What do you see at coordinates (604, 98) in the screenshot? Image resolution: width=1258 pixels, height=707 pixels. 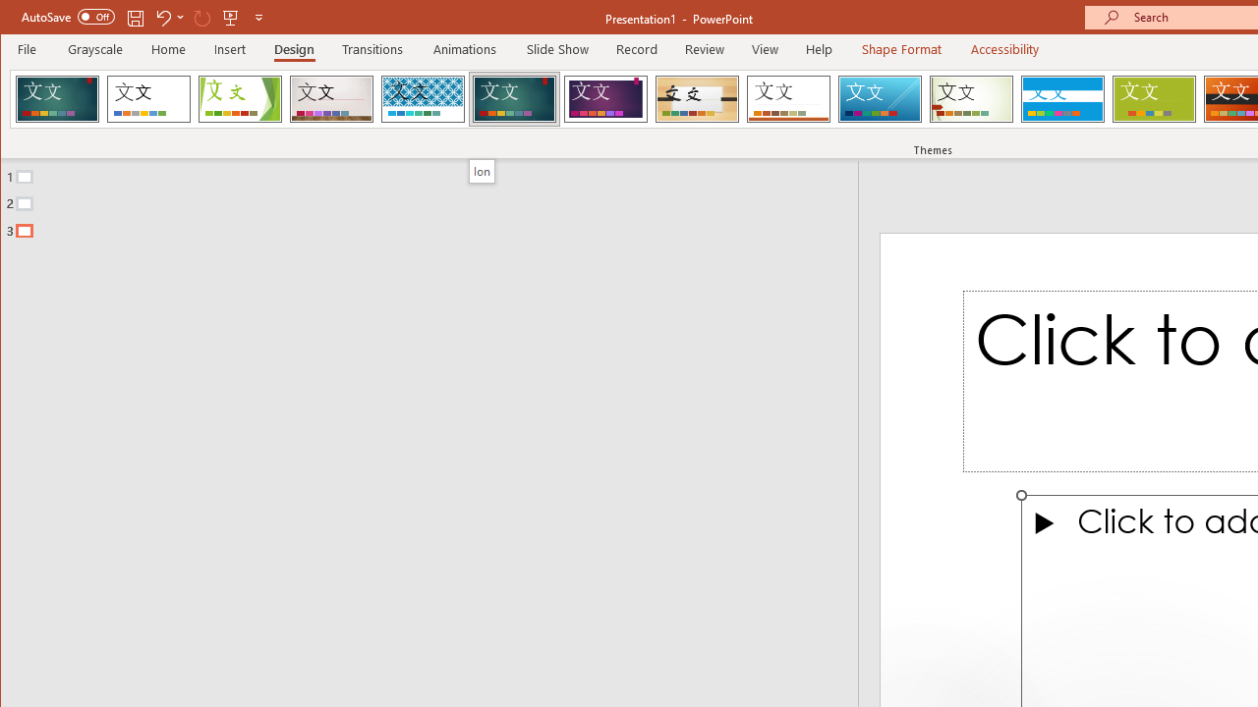 I see `'Ion Boardroom'` at bounding box center [604, 98].